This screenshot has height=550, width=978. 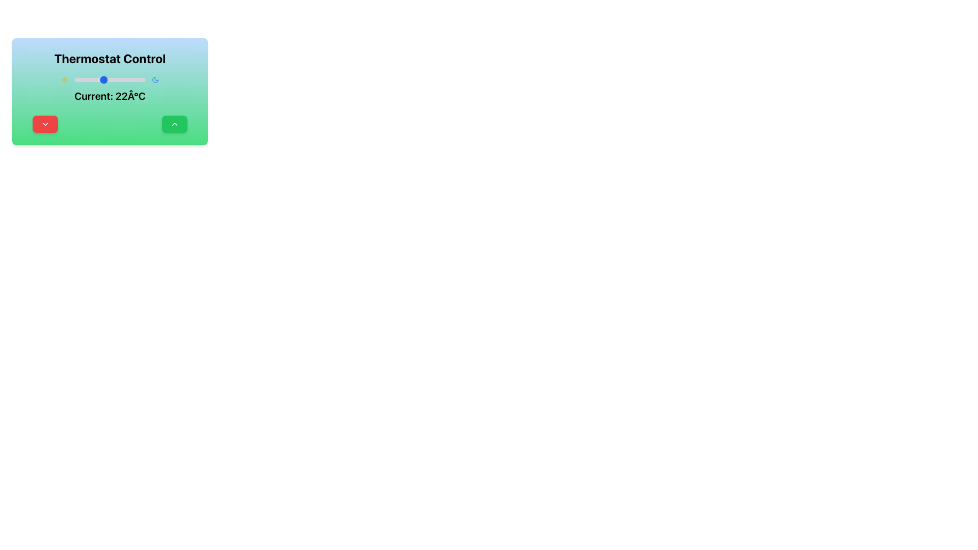 What do you see at coordinates (110, 79) in the screenshot?
I see `temperature` at bounding box center [110, 79].